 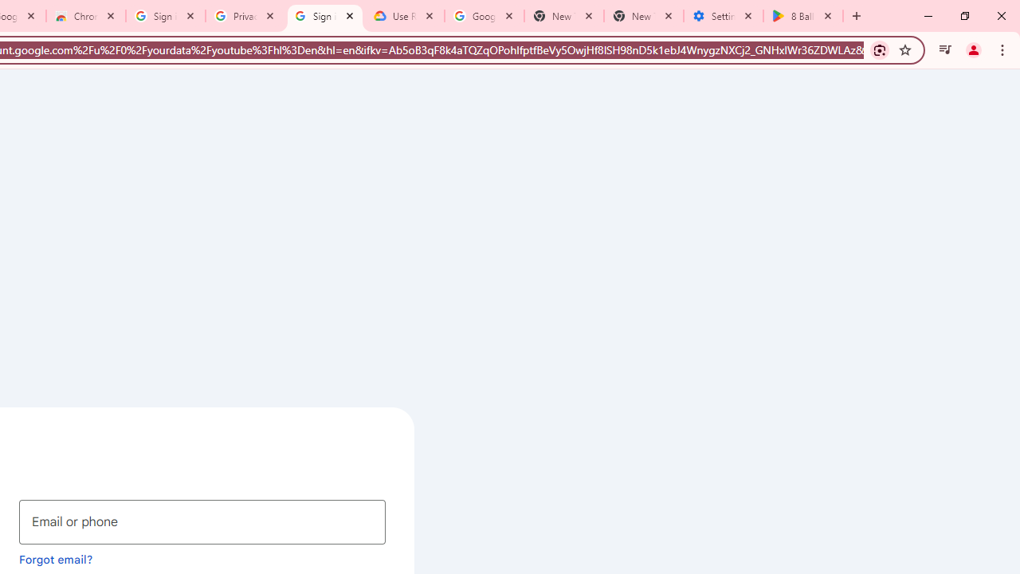 I want to click on '8 Ball Pool - Apps on Google Play', so click(x=803, y=16).